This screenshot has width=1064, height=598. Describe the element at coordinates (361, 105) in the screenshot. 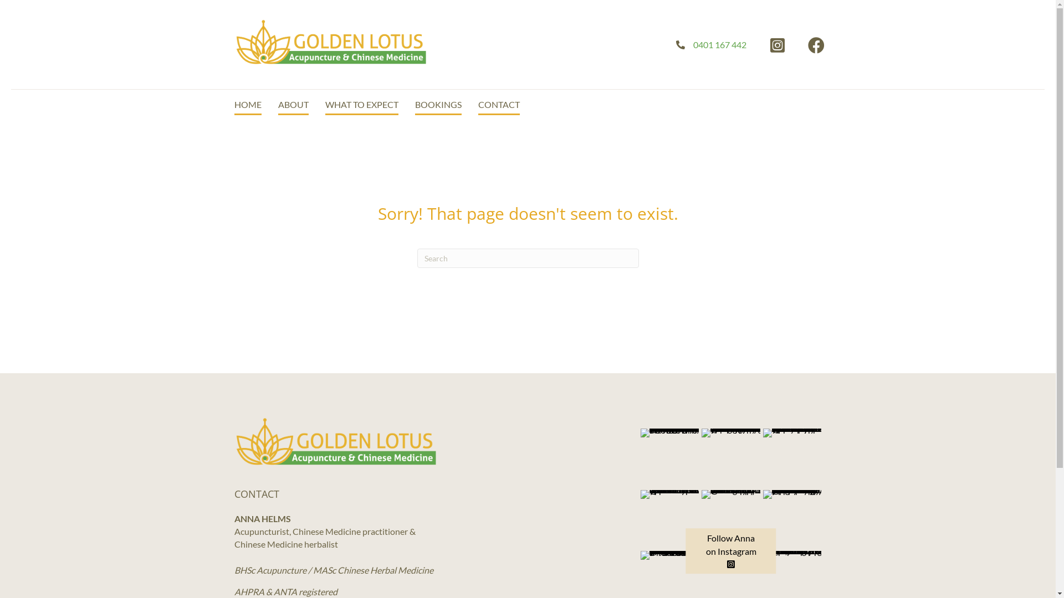

I see `'WHAT TO EXPECT'` at that location.